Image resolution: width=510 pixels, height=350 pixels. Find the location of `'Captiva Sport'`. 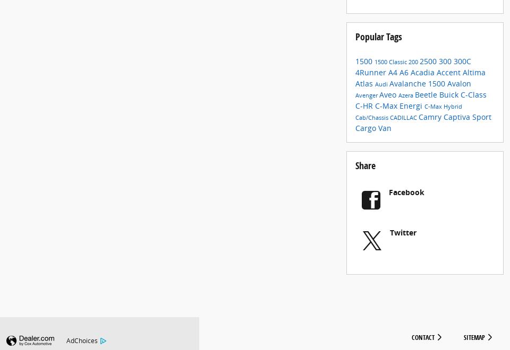

'Captiva Sport' is located at coordinates (467, 125).